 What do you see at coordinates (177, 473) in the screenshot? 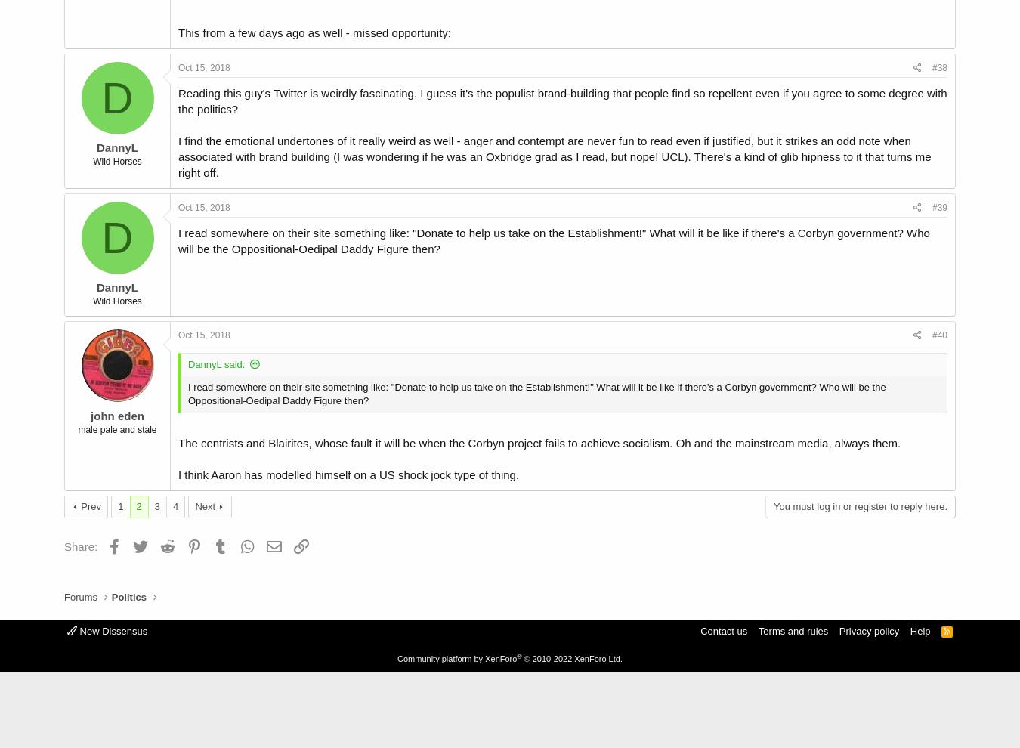
I see `'I think Aaron has modelled himself on a US shock jock type of thing.'` at bounding box center [177, 473].